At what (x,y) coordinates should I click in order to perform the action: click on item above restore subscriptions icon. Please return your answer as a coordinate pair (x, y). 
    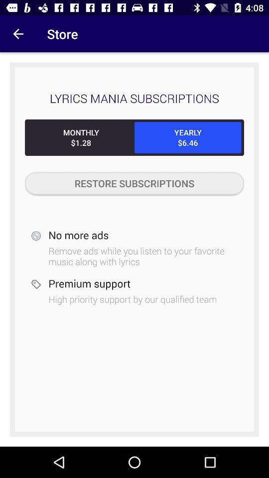
    Looking at the image, I should click on (188, 137).